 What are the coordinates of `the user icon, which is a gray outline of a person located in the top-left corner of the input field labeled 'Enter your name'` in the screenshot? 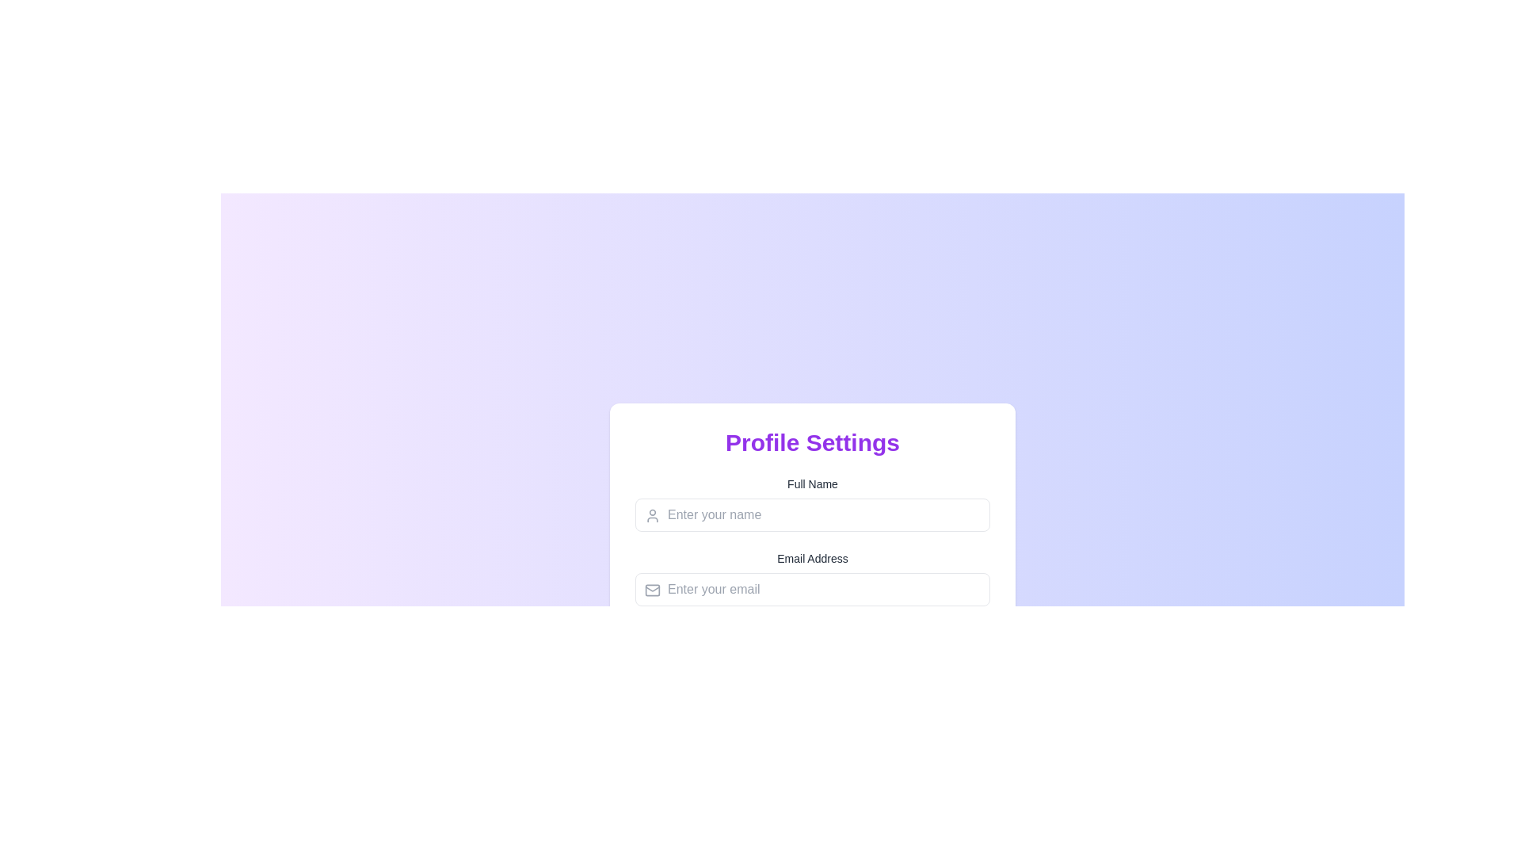 It's located at (653, 516).